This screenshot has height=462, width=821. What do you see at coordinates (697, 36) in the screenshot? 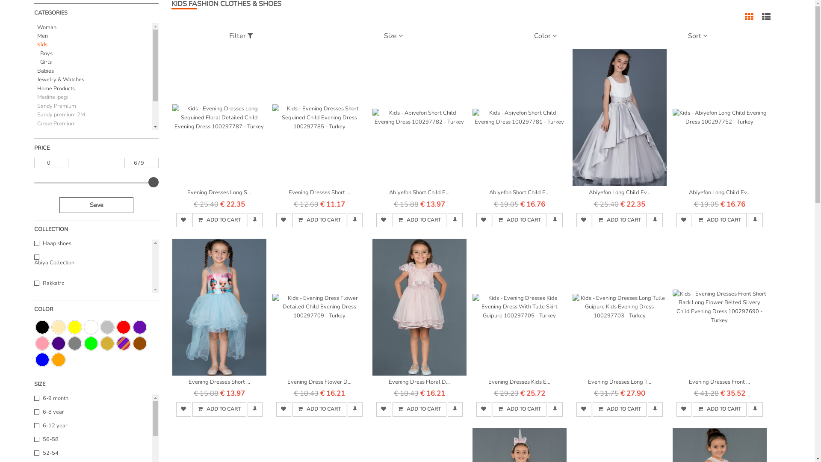
I see `'Sort'` at bounding box center [697, 36].